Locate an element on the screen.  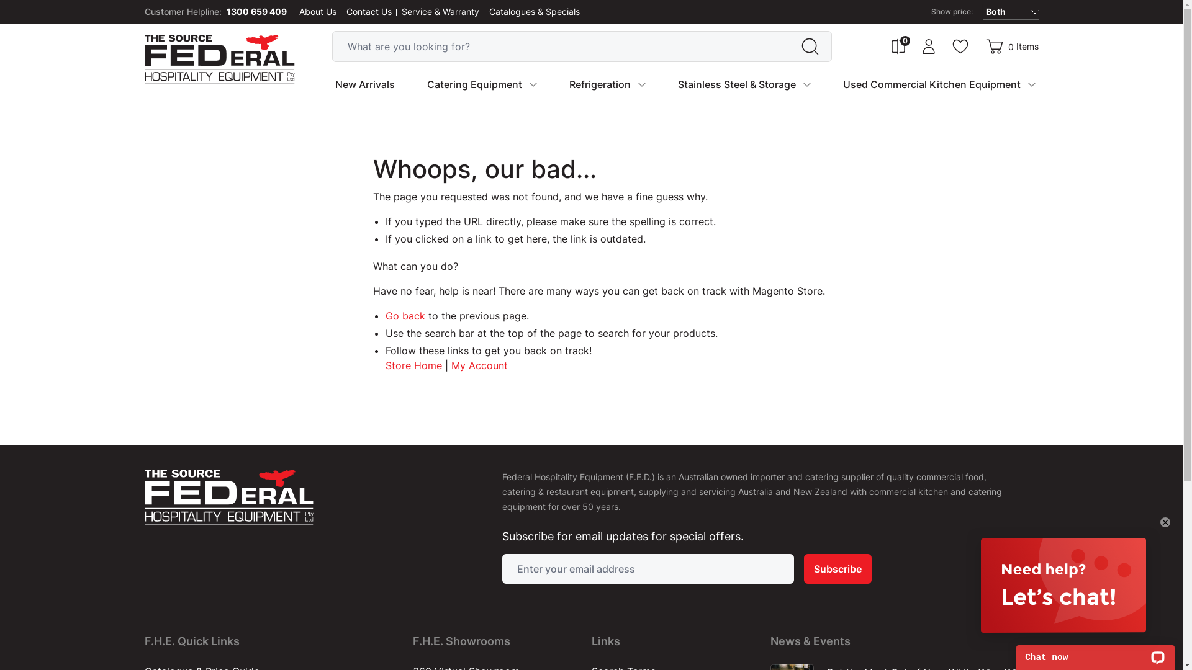
'Cart is located at coordinates (985, 45).